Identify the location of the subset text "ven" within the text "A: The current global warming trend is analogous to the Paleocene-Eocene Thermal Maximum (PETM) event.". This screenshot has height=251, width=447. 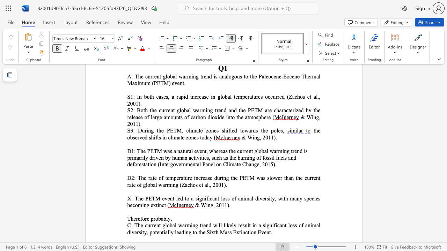
(174, 83).